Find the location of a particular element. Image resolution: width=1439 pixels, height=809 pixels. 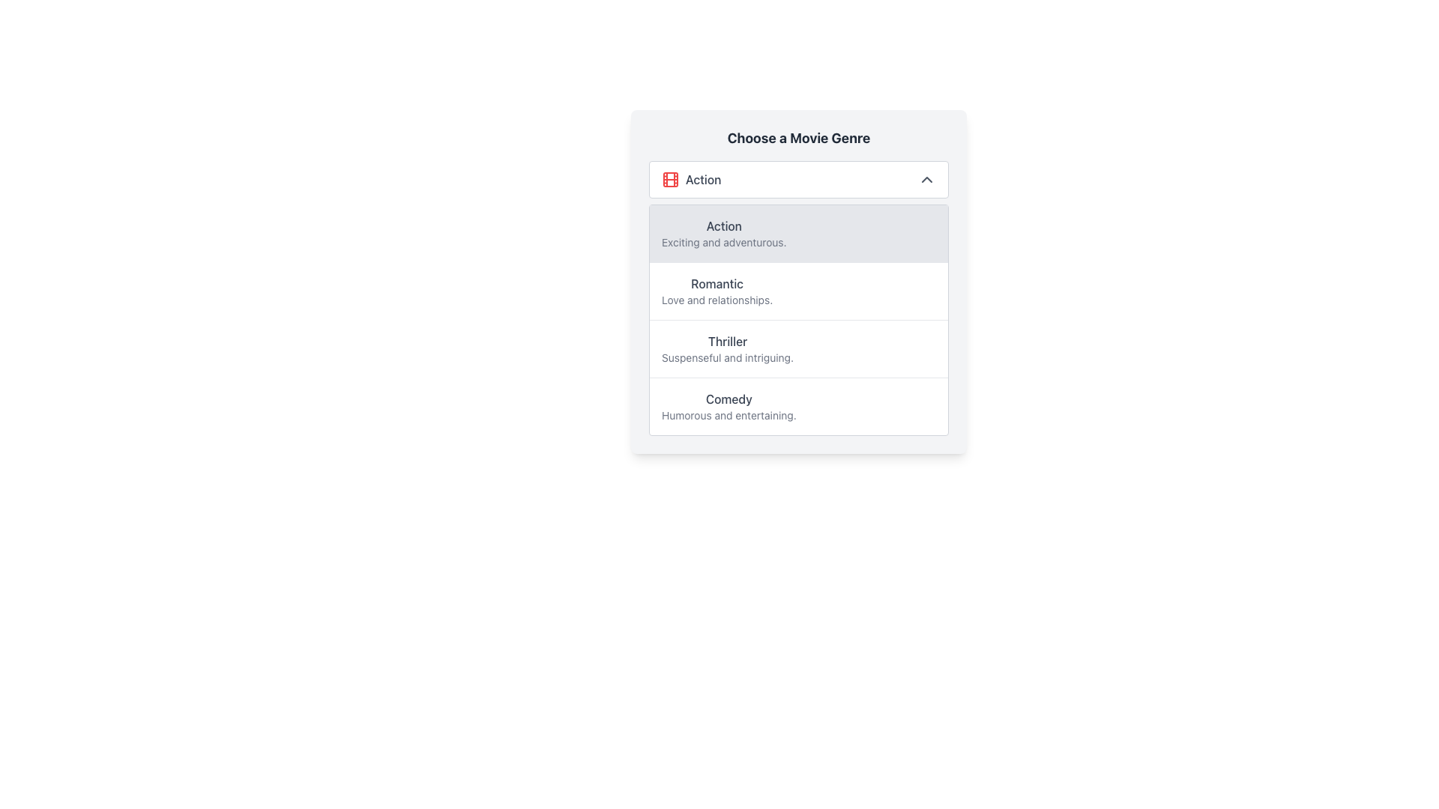

the text label displaying 'Exciting and adventurous.' located beneath the 'Action' heading is located at coordinates (724, 242).